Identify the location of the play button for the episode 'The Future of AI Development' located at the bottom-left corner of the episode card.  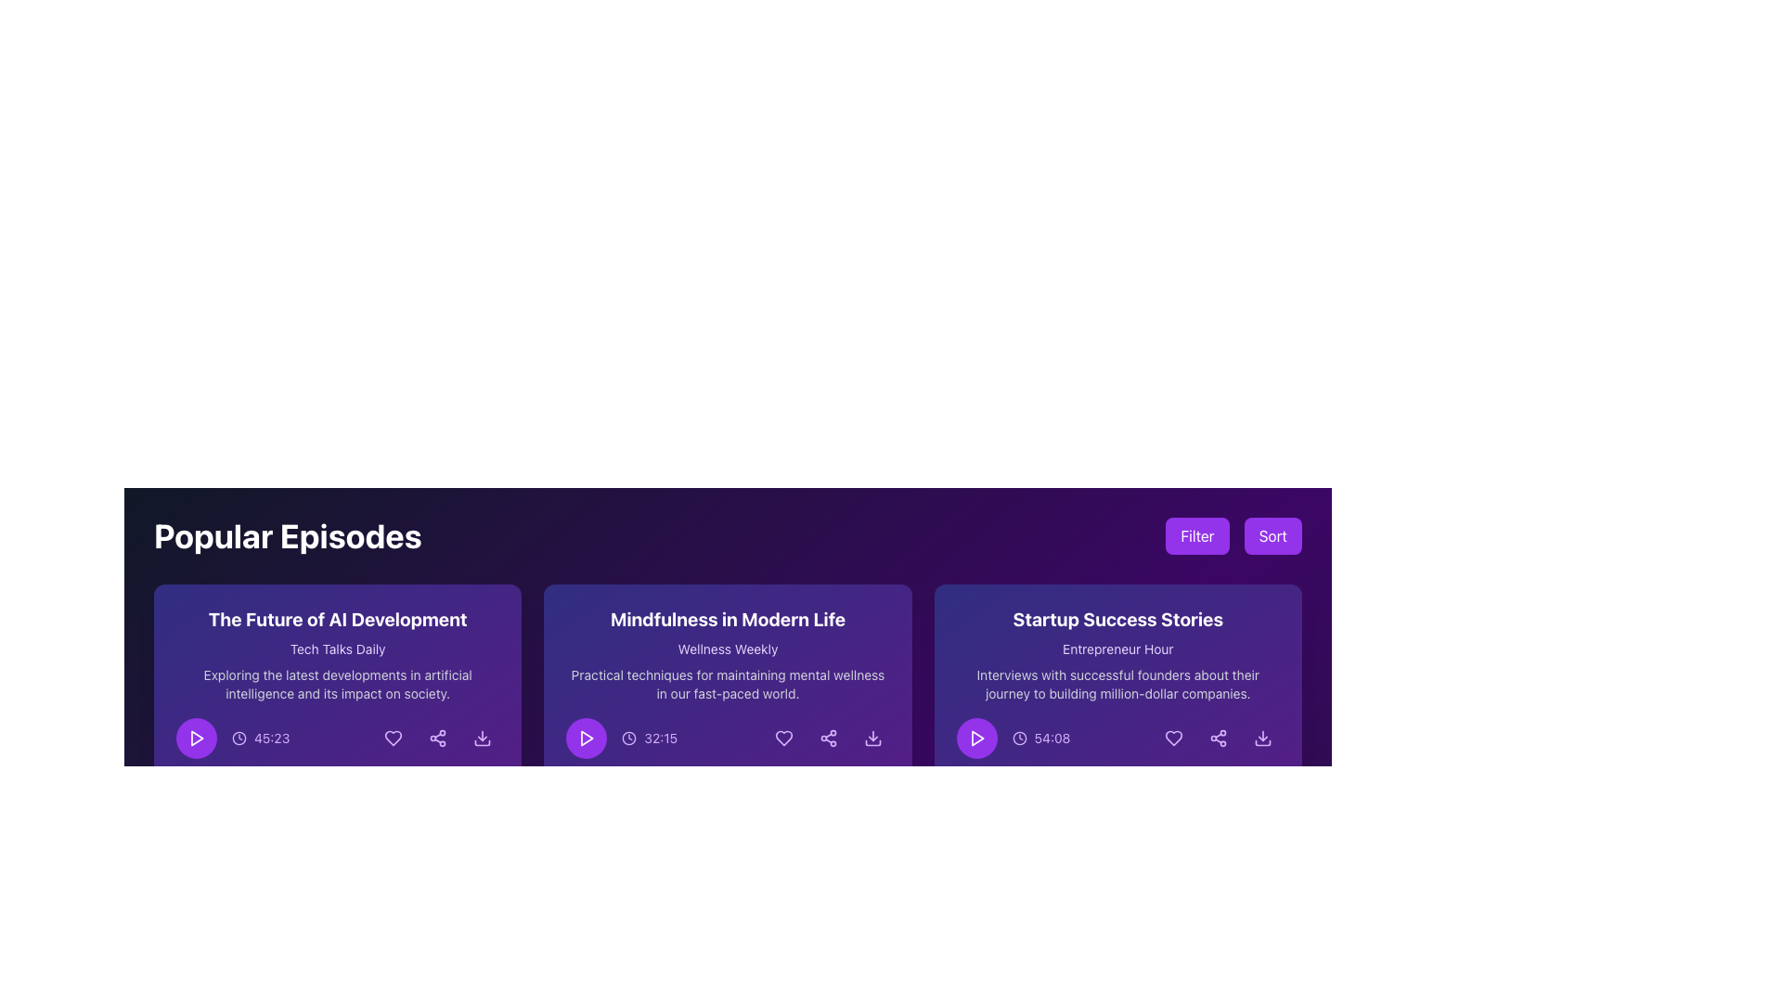
(196, 737).